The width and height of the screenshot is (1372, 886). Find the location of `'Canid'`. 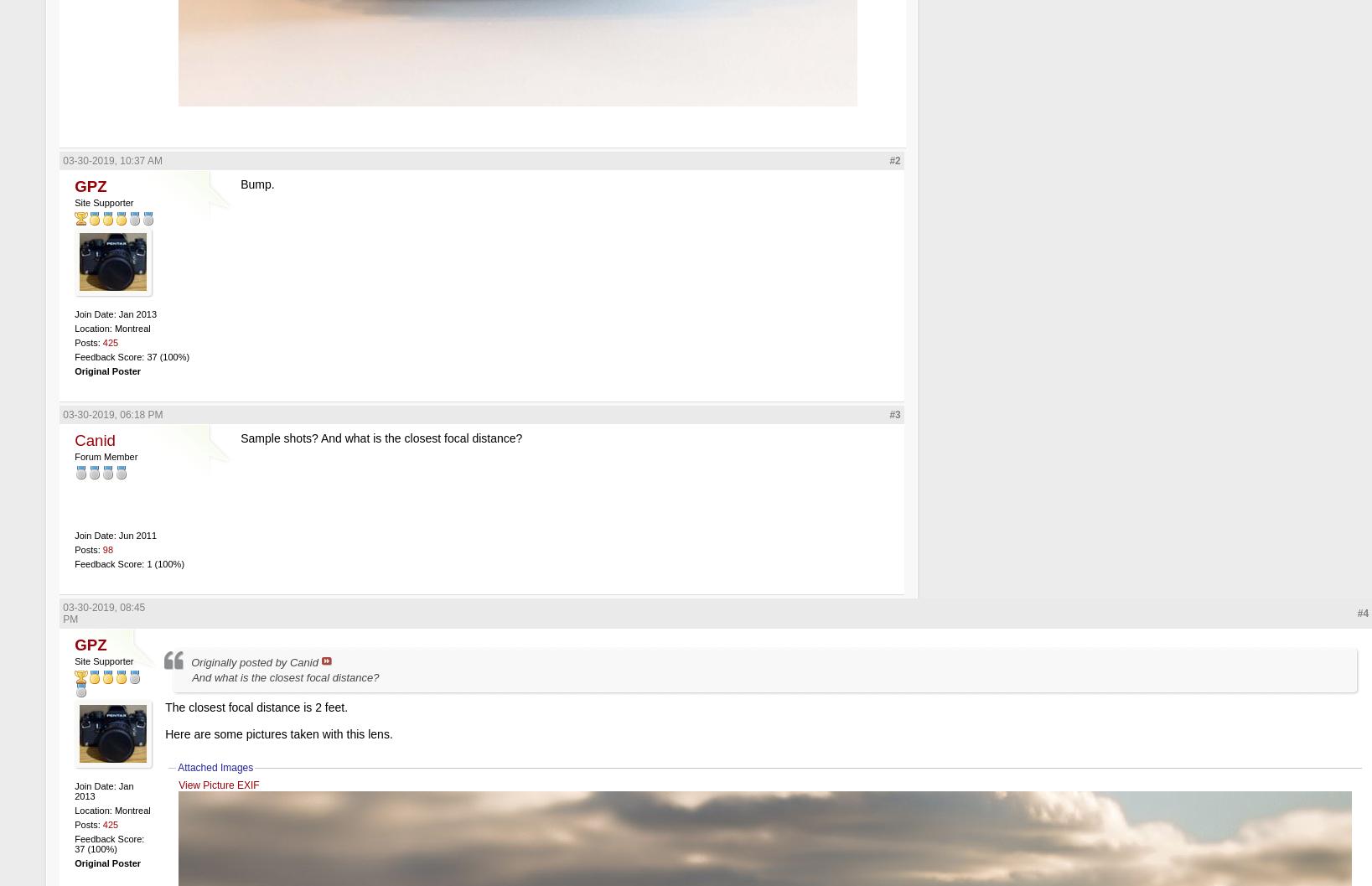

'Canid' is located at coordinates (94, 440).